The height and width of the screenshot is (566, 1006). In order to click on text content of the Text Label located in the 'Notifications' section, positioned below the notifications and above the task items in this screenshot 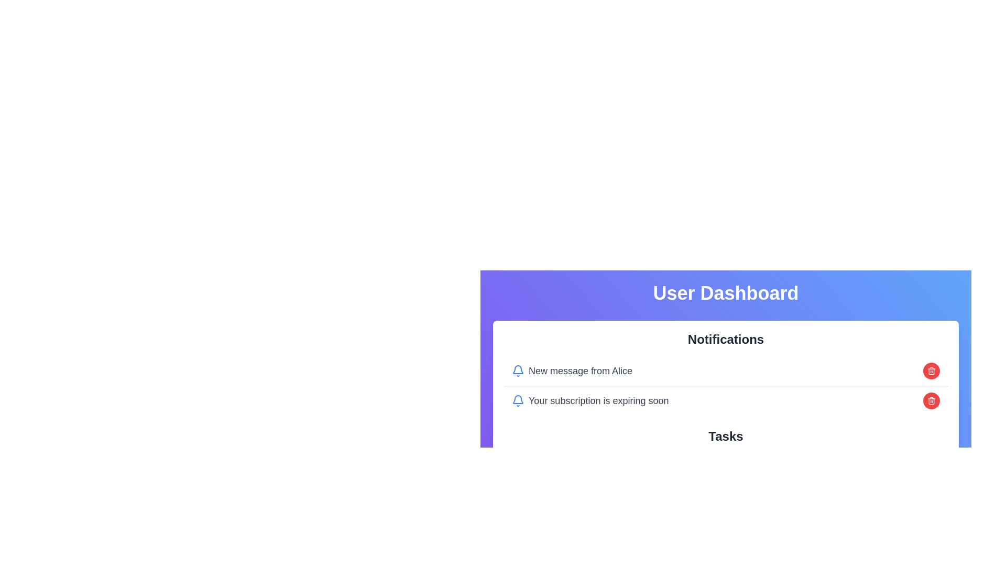, I will do `click(725, 437)`.